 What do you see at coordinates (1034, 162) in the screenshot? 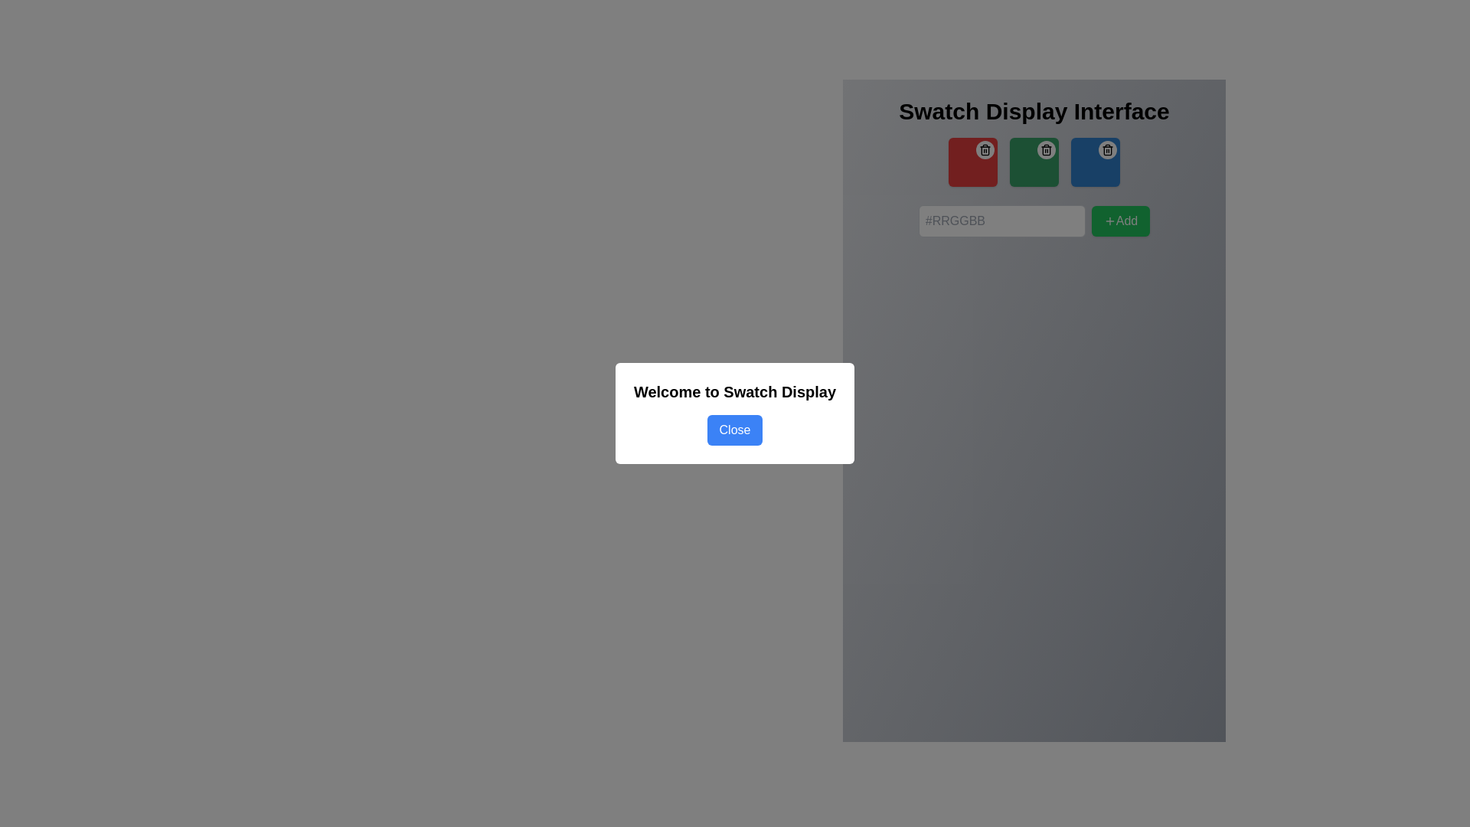
I see `the color swatch in the second position` at bounding box center [1034, 162].